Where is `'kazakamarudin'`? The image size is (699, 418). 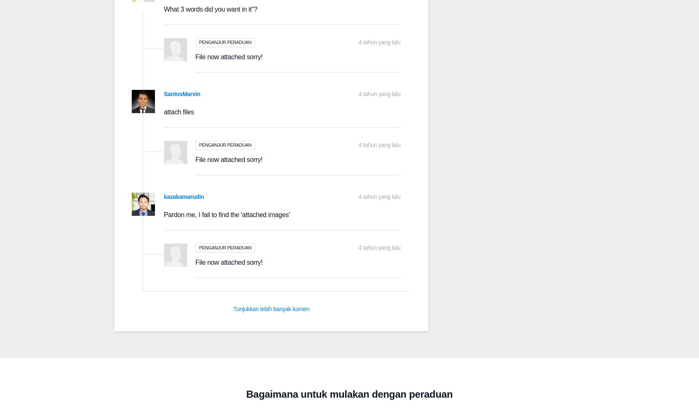 'kazakamarudin' is located at coordinates (184, 196).